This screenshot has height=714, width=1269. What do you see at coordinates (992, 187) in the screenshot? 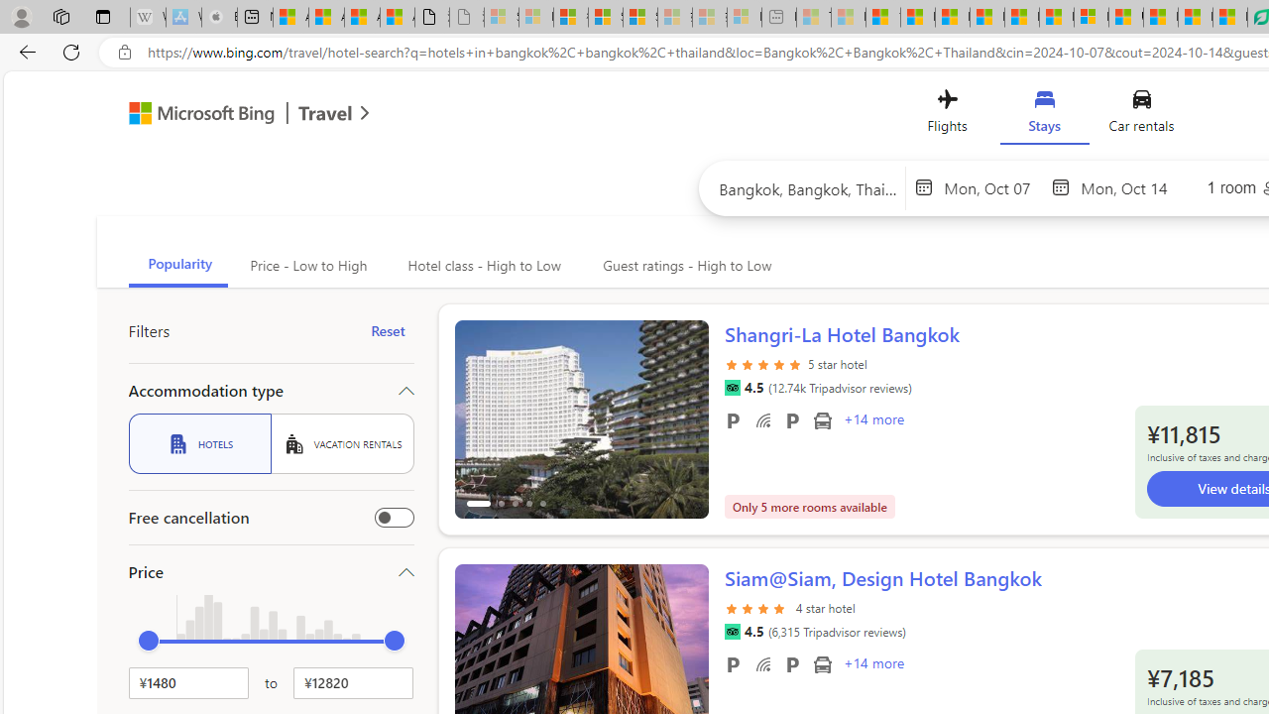
I see `'Start Date'` at bounding box center [992, 187].